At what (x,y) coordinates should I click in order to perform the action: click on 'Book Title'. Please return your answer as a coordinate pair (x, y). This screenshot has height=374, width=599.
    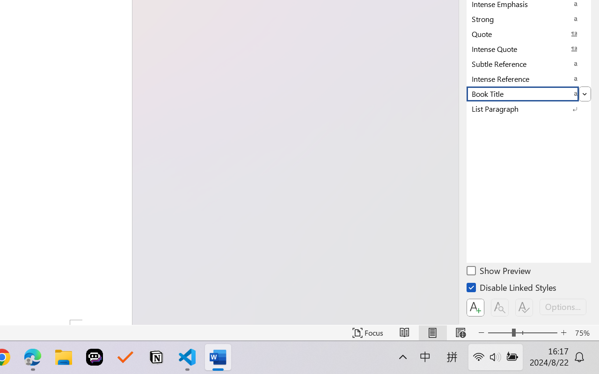
    Looking at the image, I should click on (529, 93).